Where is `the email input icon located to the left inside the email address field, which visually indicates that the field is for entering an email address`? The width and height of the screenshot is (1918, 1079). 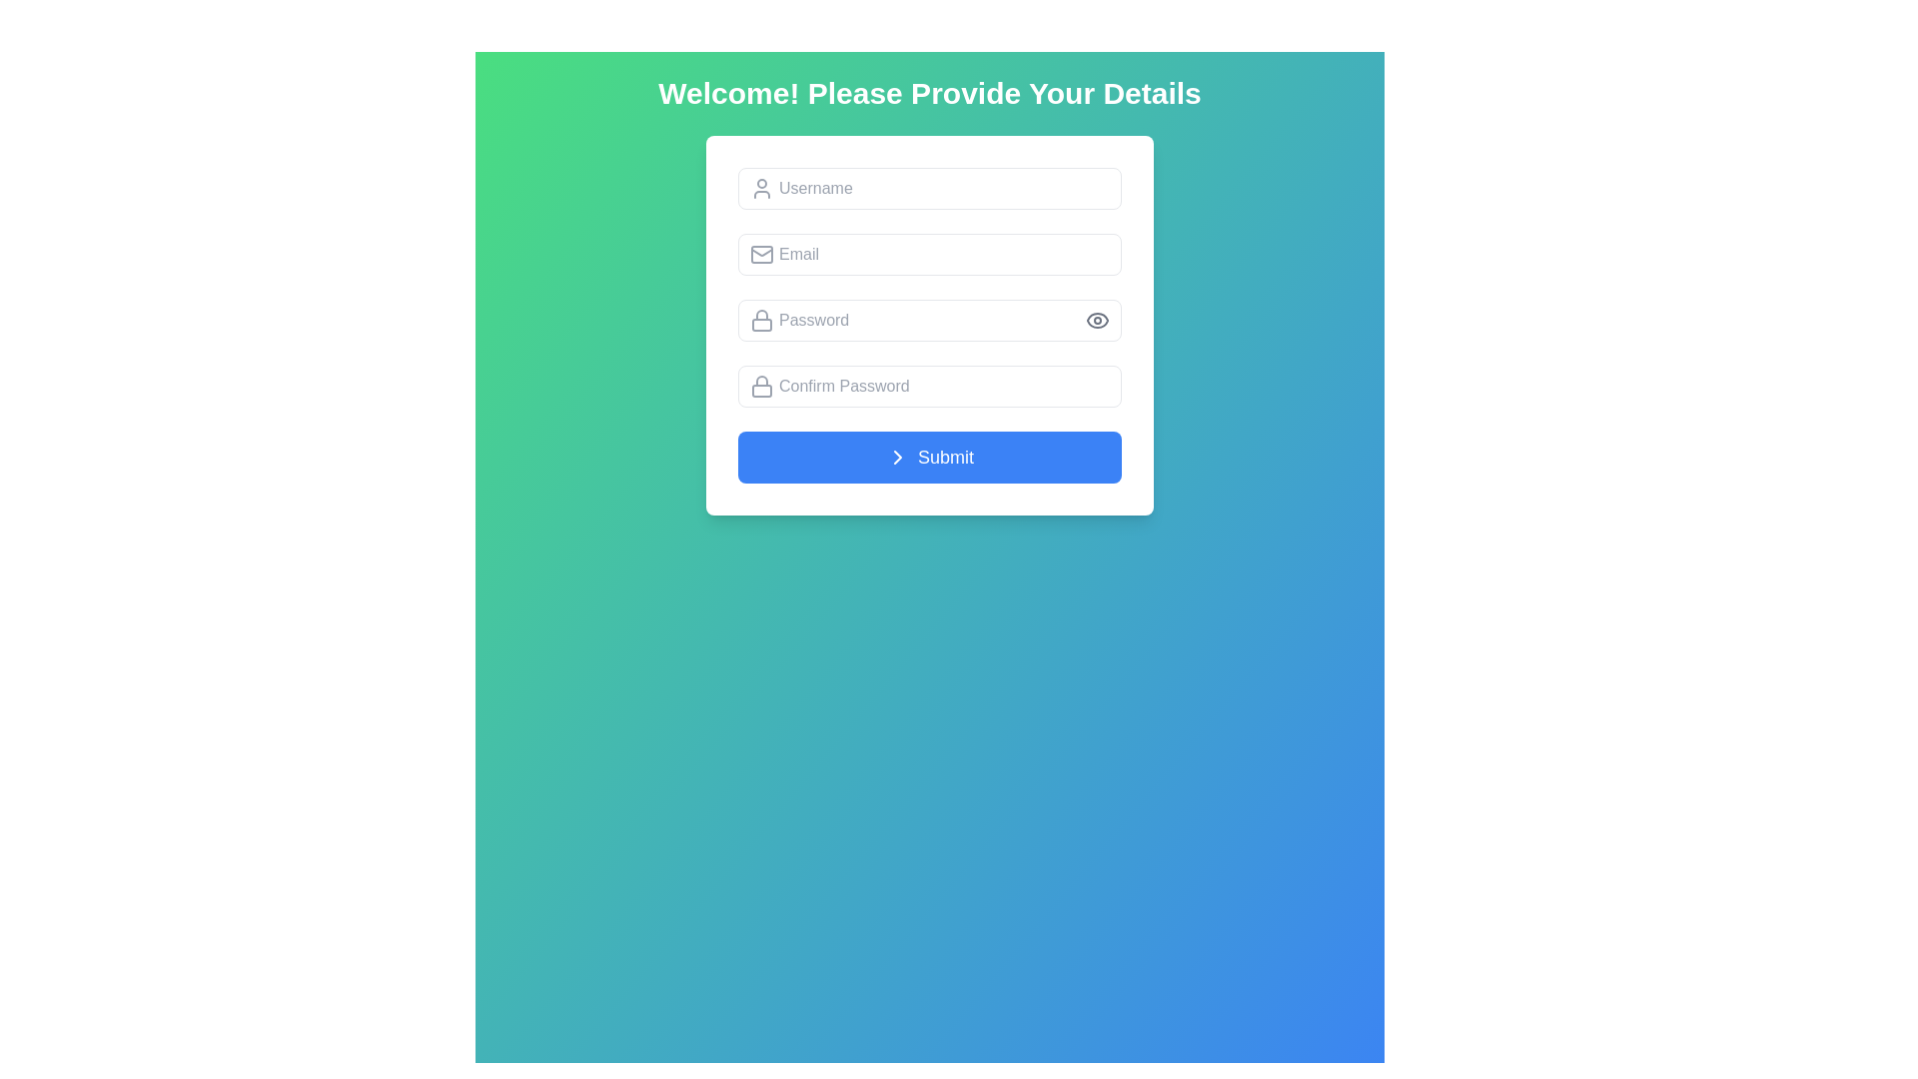
the email input icon located to the left inside the email address field, which visually indicates that the field is for entering an email address is located at coordinates (761, 253).